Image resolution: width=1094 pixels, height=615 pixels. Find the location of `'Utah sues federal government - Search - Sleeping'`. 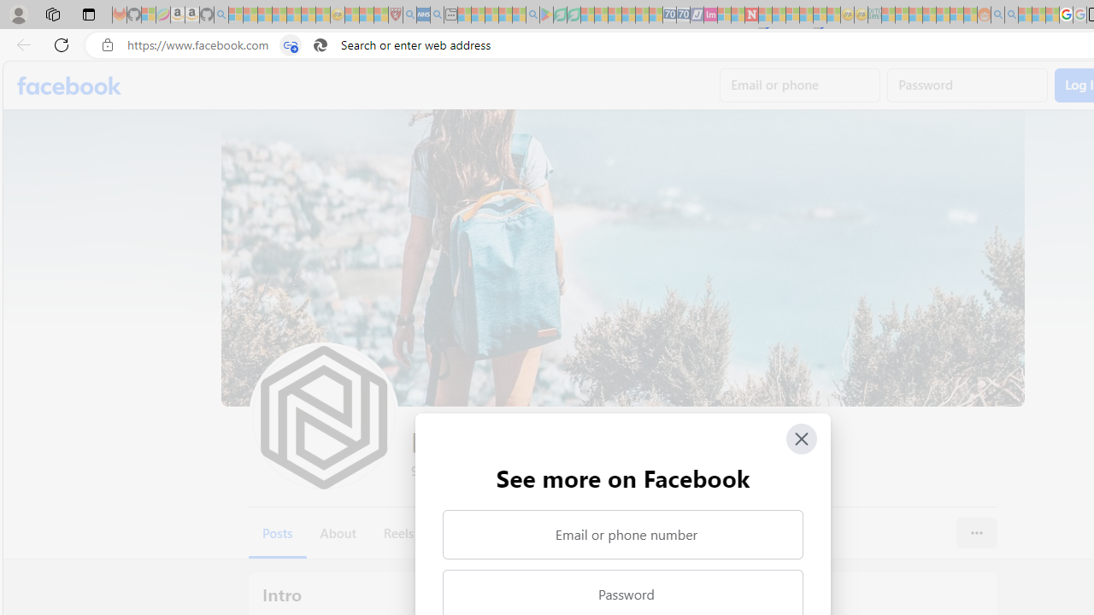

'Utah sues federal government - Search - Sleeping' is located at coordinates (1012, 15).